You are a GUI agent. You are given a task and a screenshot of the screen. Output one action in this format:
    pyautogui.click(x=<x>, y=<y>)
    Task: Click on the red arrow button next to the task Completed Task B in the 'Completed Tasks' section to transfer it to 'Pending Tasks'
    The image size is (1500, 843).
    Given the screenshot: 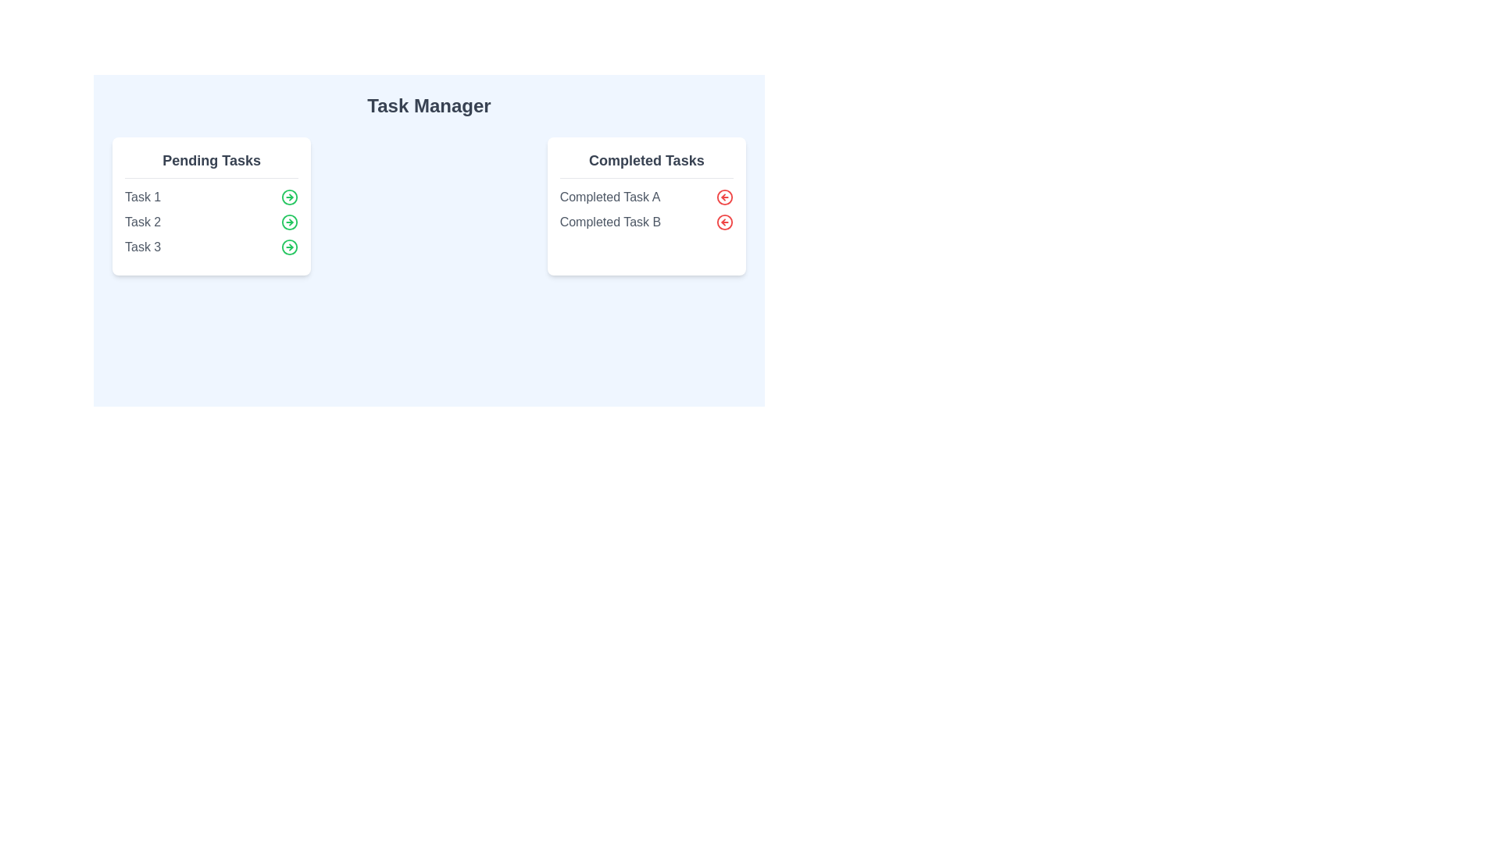 What is the action you would take?
    pyautogui.click(x=723, y=222)
    